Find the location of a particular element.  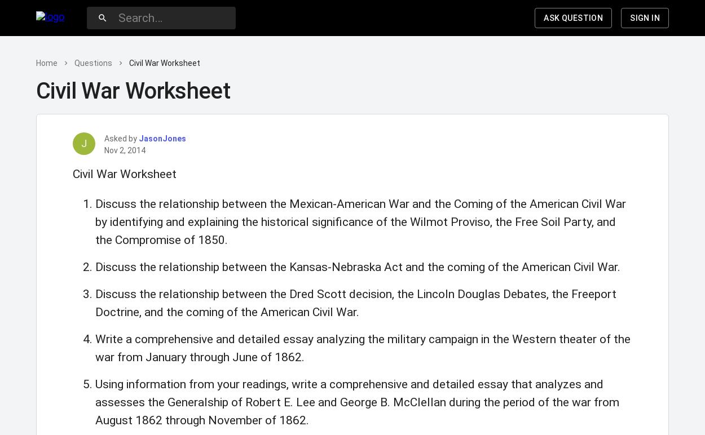

'Home' is located at coordinates (46, 63).